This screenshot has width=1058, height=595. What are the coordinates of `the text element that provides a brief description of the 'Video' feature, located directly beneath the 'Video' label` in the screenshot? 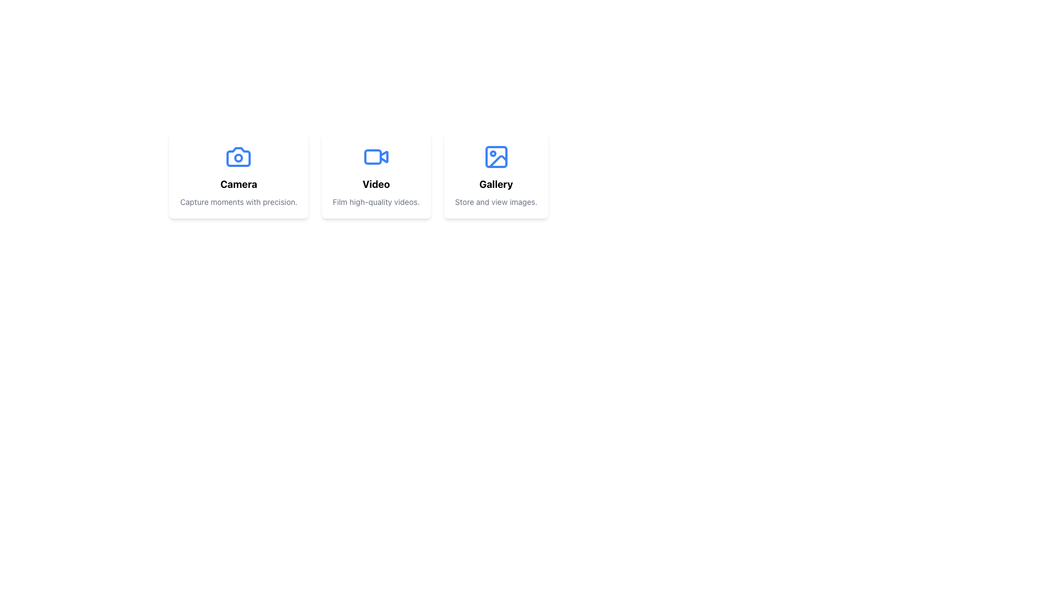 It's located at (376, 202).